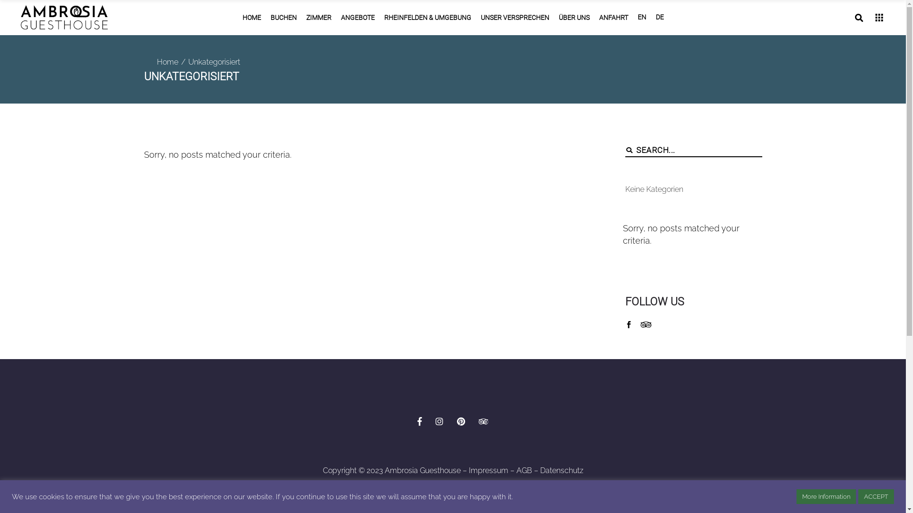 The height and width of the screenshot is (513, 913). I want to click on 'RHEINFELDEN & UMGEBUNG', so click(379, 18).